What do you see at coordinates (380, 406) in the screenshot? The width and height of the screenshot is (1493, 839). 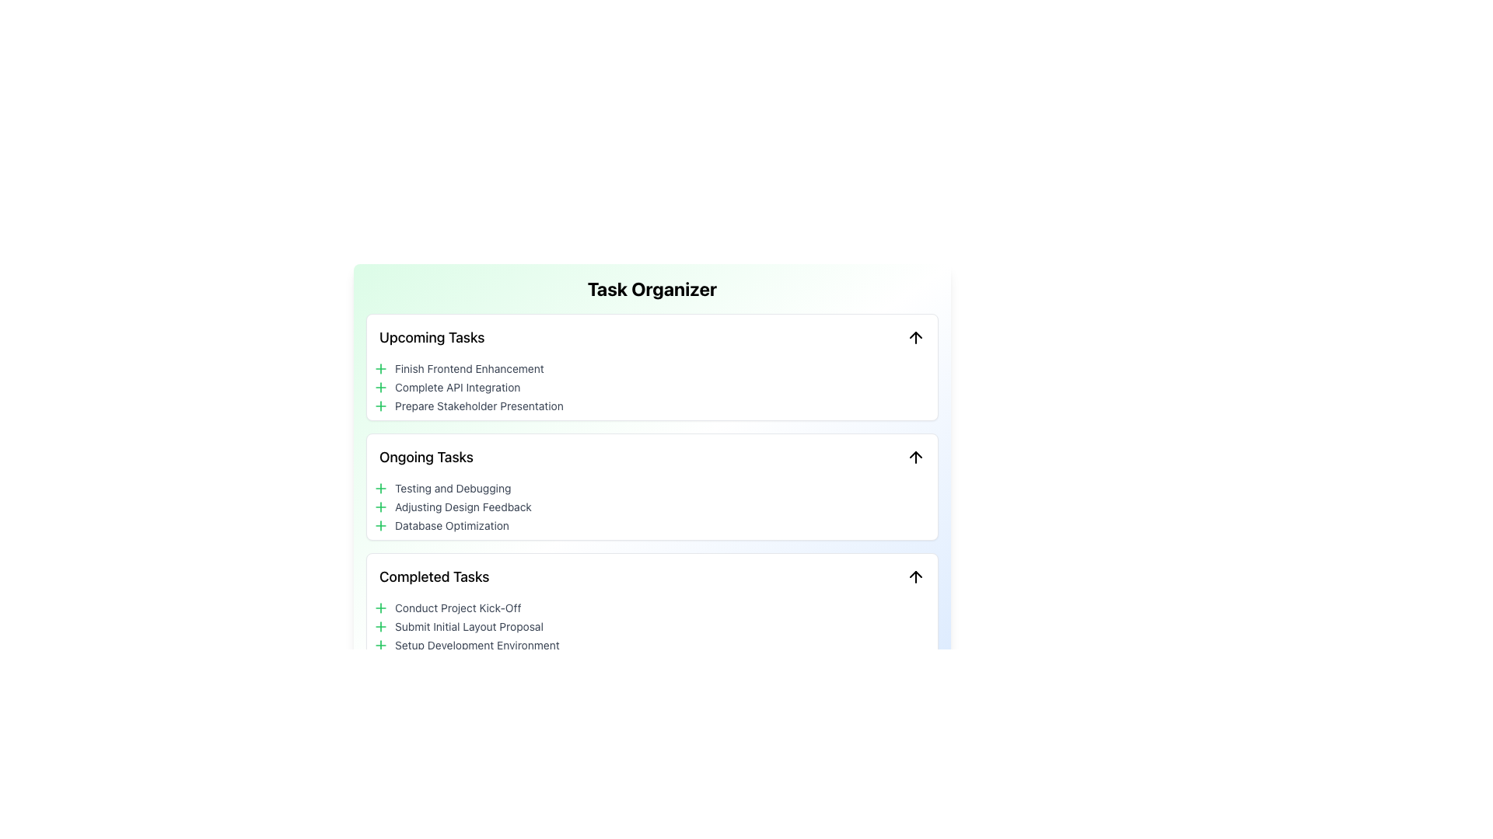 I see `the add action button located to the left of the text 'Prepare Stakeholder Presentation' in the 'Upcoming Tasks' section` at bounding box center [380, 406].